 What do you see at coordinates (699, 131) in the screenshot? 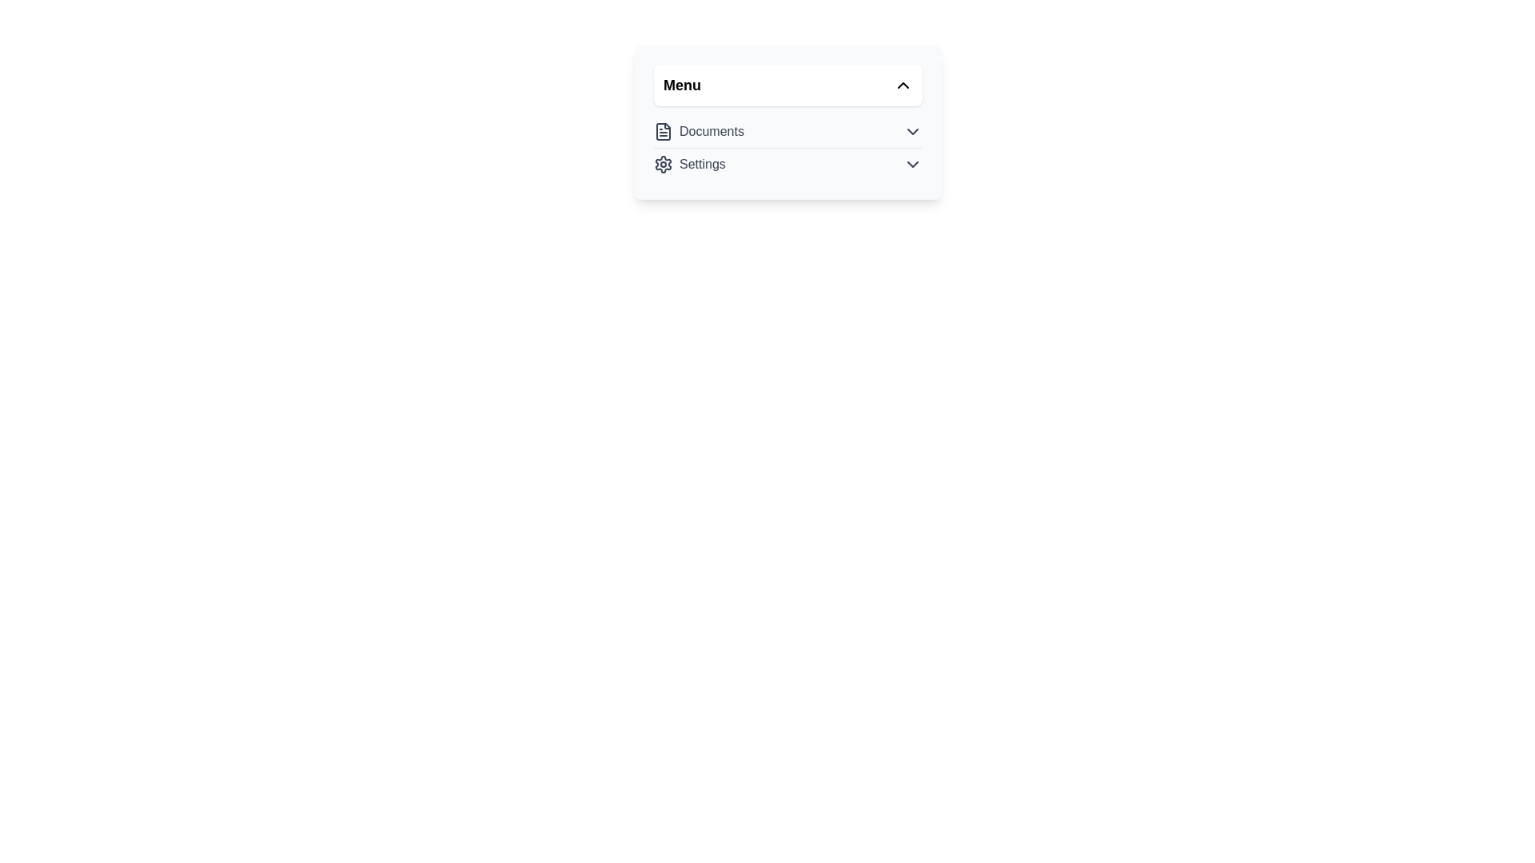
I see `the 'Documents' navigation link, which features a document icon and is the first item in the menu under 'Menu', positioned above 'Settings'` at bounding box center [699, 131].